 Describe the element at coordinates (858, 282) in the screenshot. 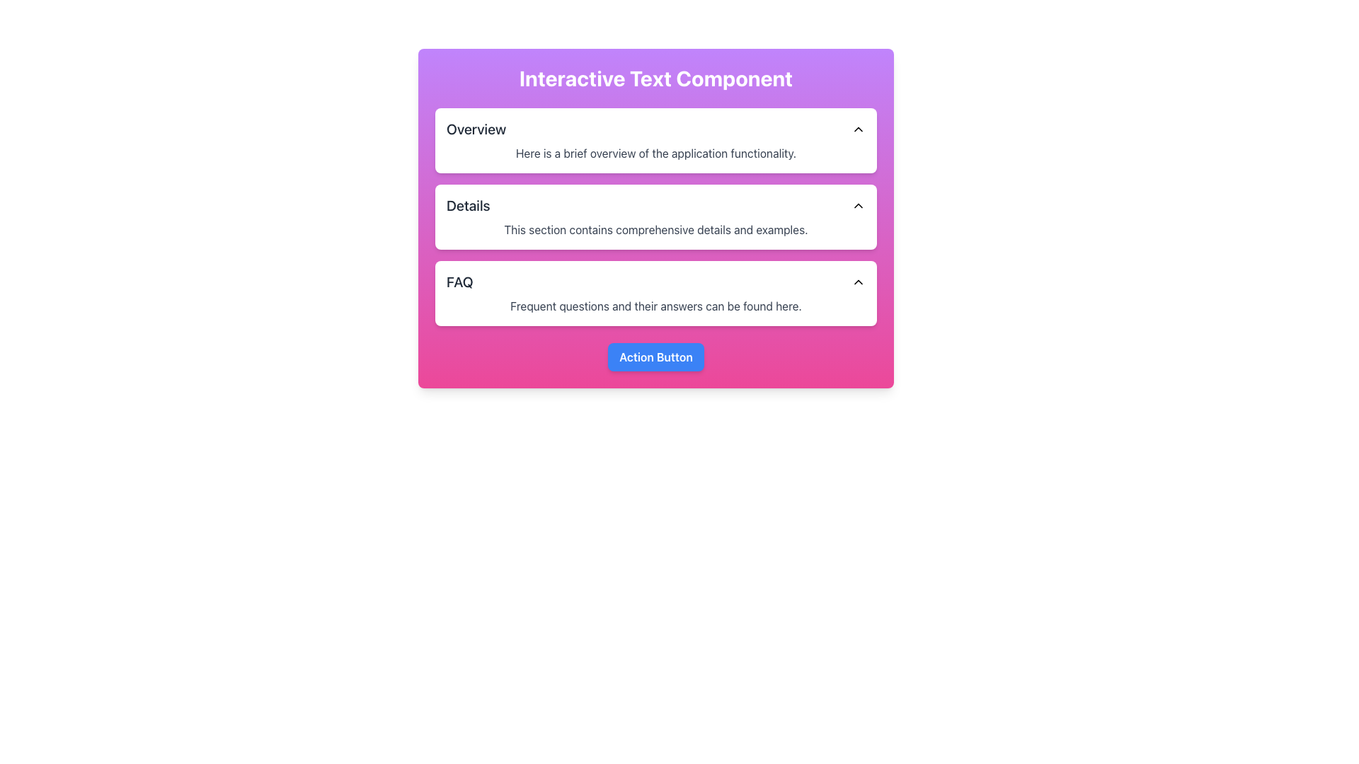

I see `the upward-pointing chevron icon located at the right side of the FAQ section header` at that location.